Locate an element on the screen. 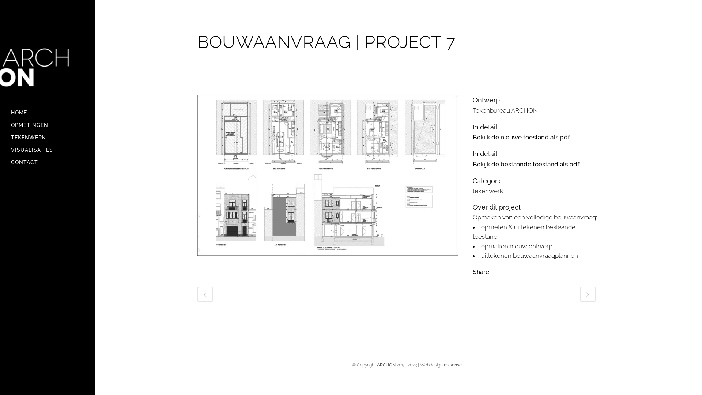 This screenshot has width=702, height=395. 'Bekijk de nieuwe toestand als pdf' is located at coordinates (472, 137).